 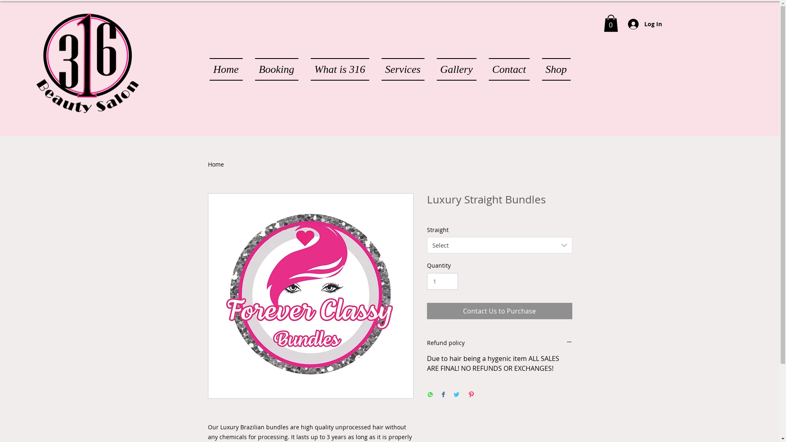 I want to click on 'Services', so click(x=402, y=69).